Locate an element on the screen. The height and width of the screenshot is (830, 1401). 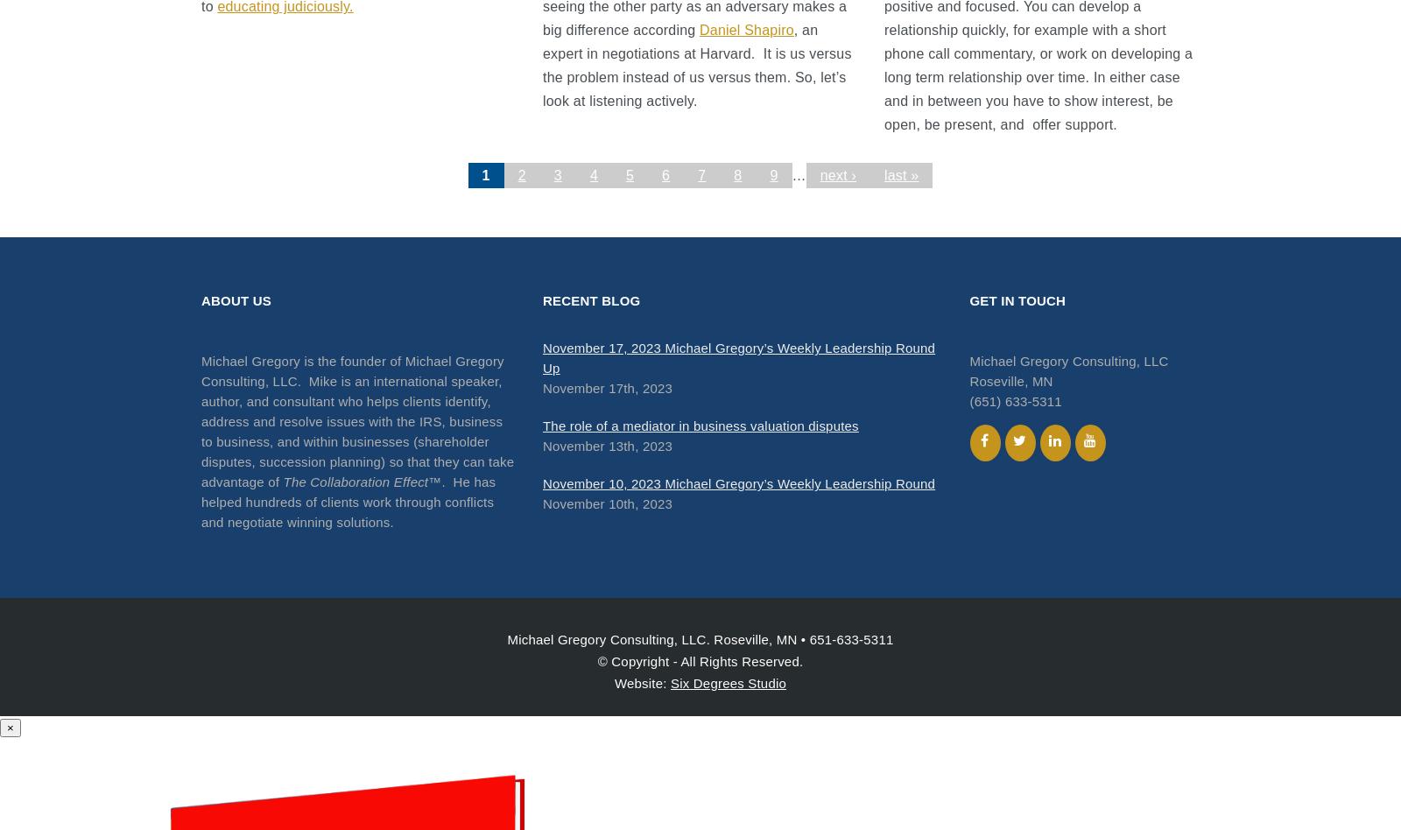
'About Us' is located at coordinates (236, 300).